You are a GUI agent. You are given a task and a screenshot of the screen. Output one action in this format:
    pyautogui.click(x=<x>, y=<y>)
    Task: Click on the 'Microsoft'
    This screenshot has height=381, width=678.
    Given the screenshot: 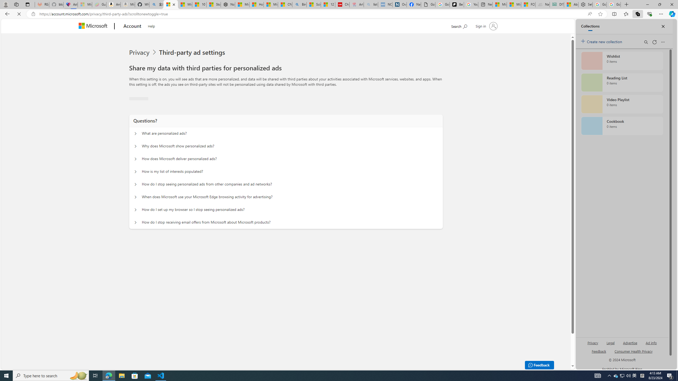 What is the action you would take?
    pyautogui.click(x=94, y=26)
    